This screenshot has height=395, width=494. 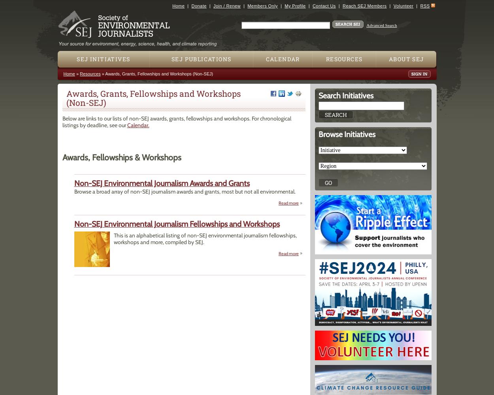 I want to click on 'Awards, Fellowships & Workshops', so click(x=121, y=157).